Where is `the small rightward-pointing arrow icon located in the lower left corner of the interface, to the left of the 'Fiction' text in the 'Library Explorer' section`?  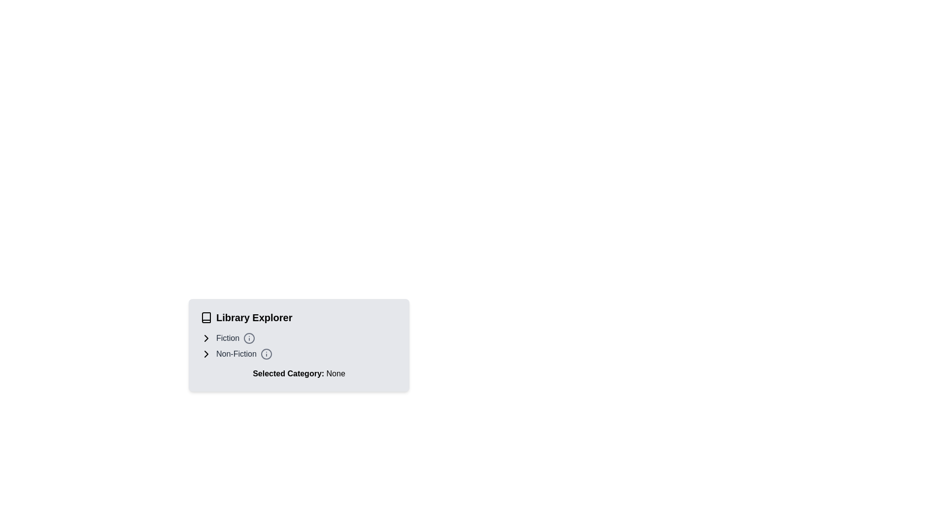 the small rightward-pointing arrow icon located in the lower left corner of the interface, to the left of the 'Fiction' text in the 'Library Explorer' section is located at coordinates (205, 337).